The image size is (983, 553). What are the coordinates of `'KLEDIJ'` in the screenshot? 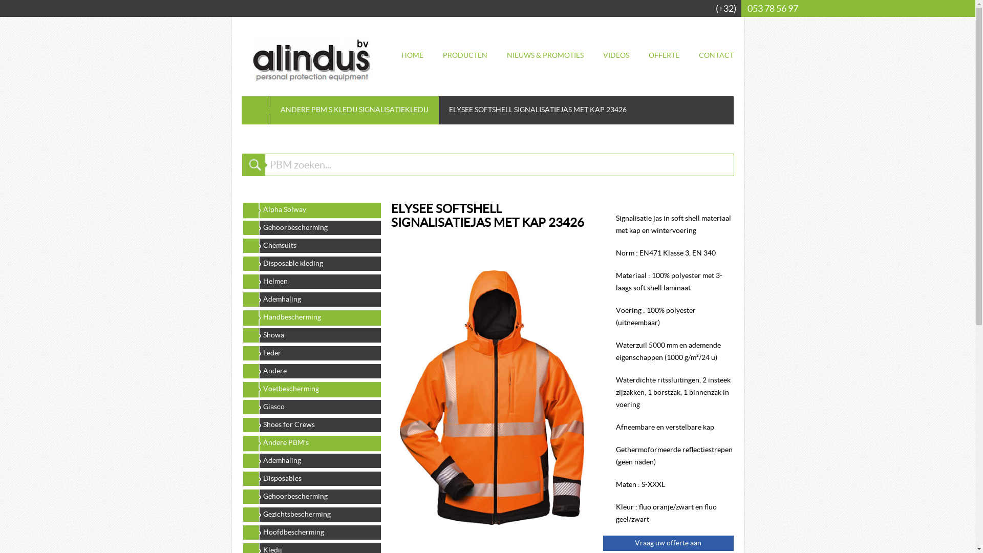 It's located at (346, 109).